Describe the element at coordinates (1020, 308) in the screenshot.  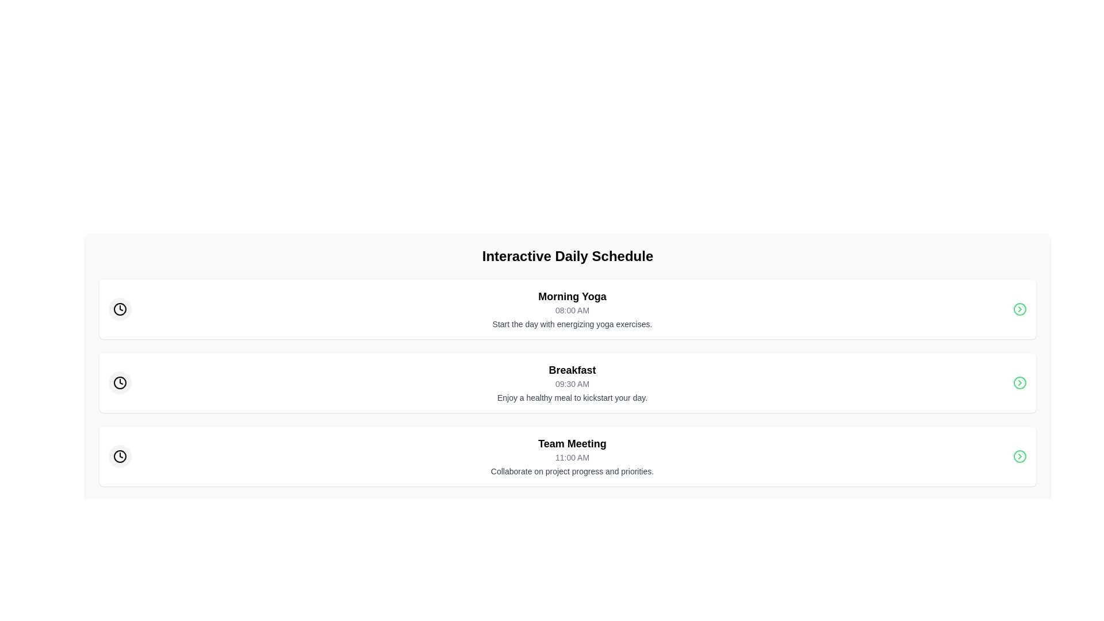
I see `the SVG circle graphic that serves as a graphical component of the 'Breakfast' section's action or status indicator, located on the right side of the section` at that location.